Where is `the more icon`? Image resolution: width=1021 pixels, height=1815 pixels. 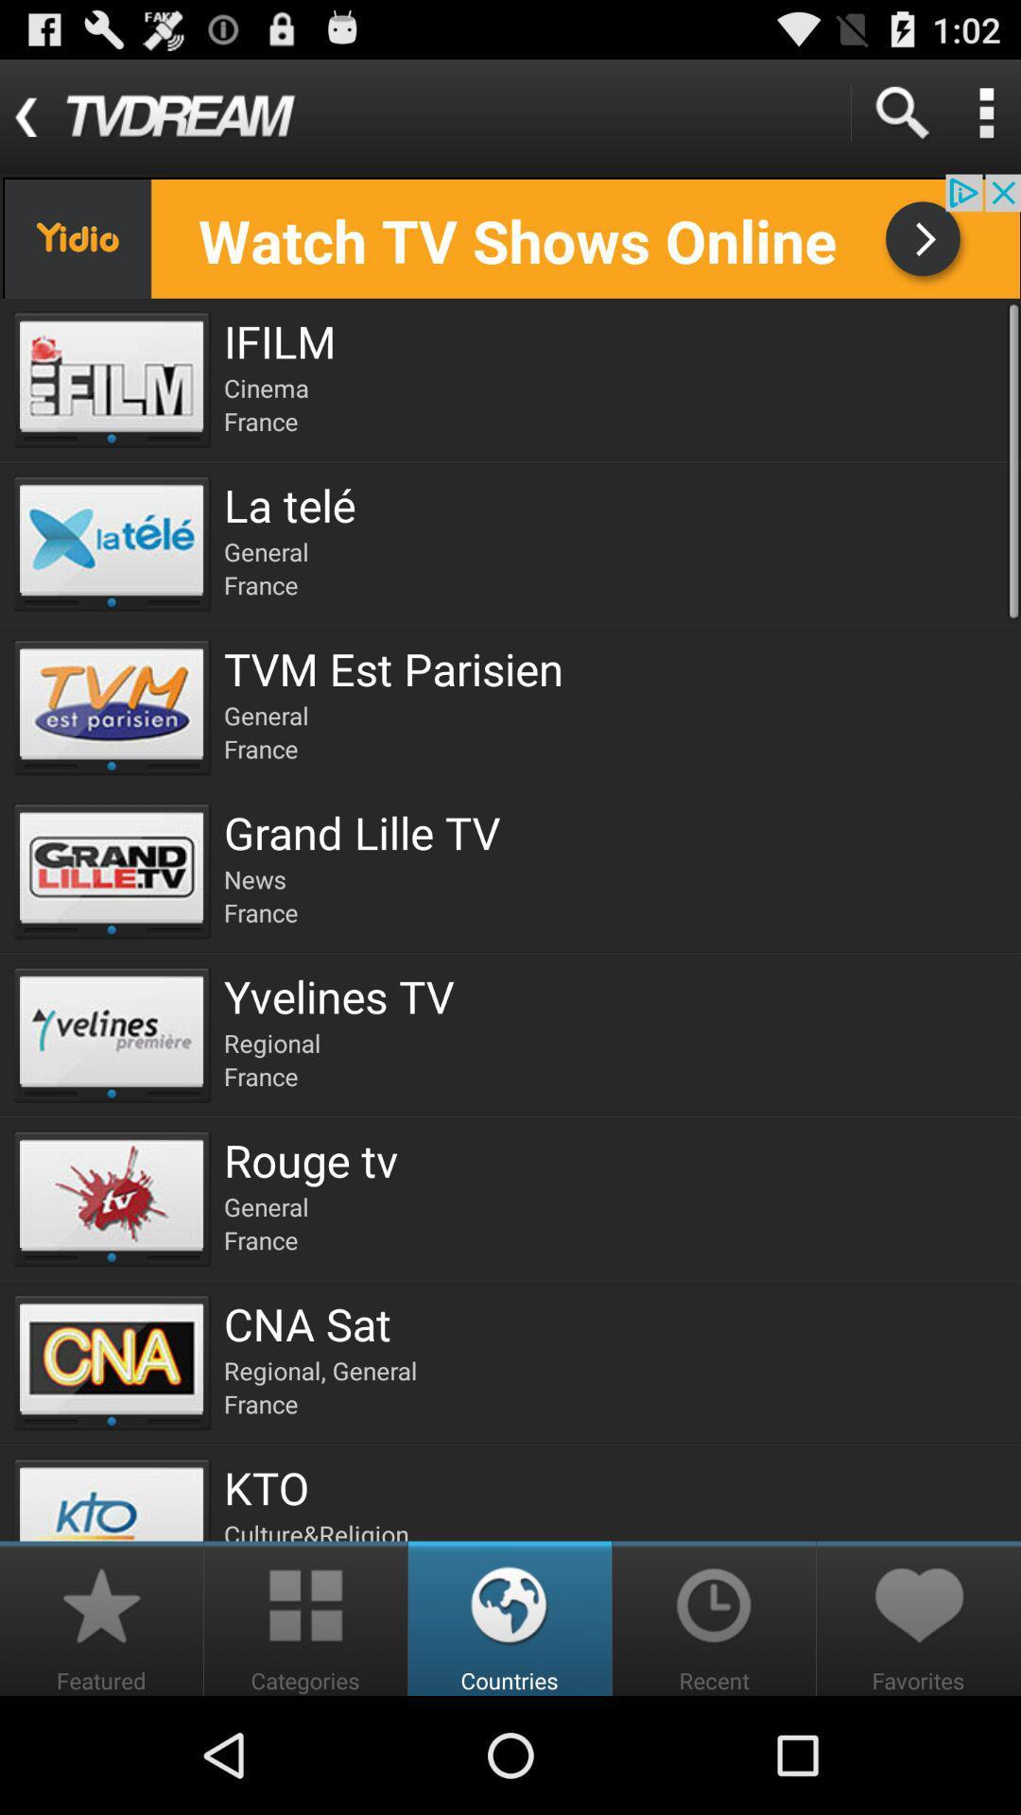
the more icon is located at coordinates (985, 120).